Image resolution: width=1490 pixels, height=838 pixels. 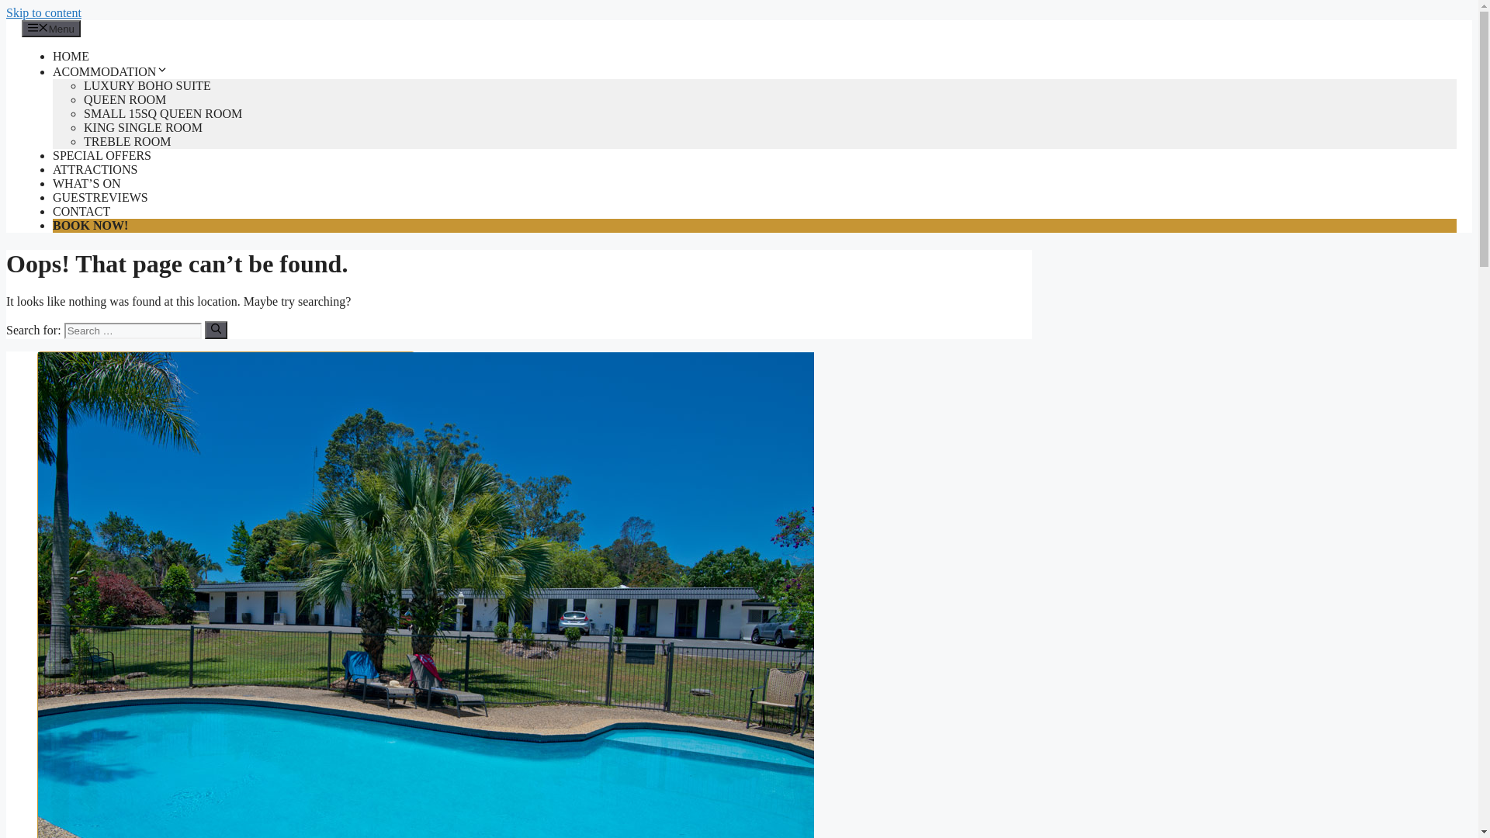 What do you see at coordinates (43, 12) in the screenshot?
I see `'Skip to content'` at bounding box center [43, 12].